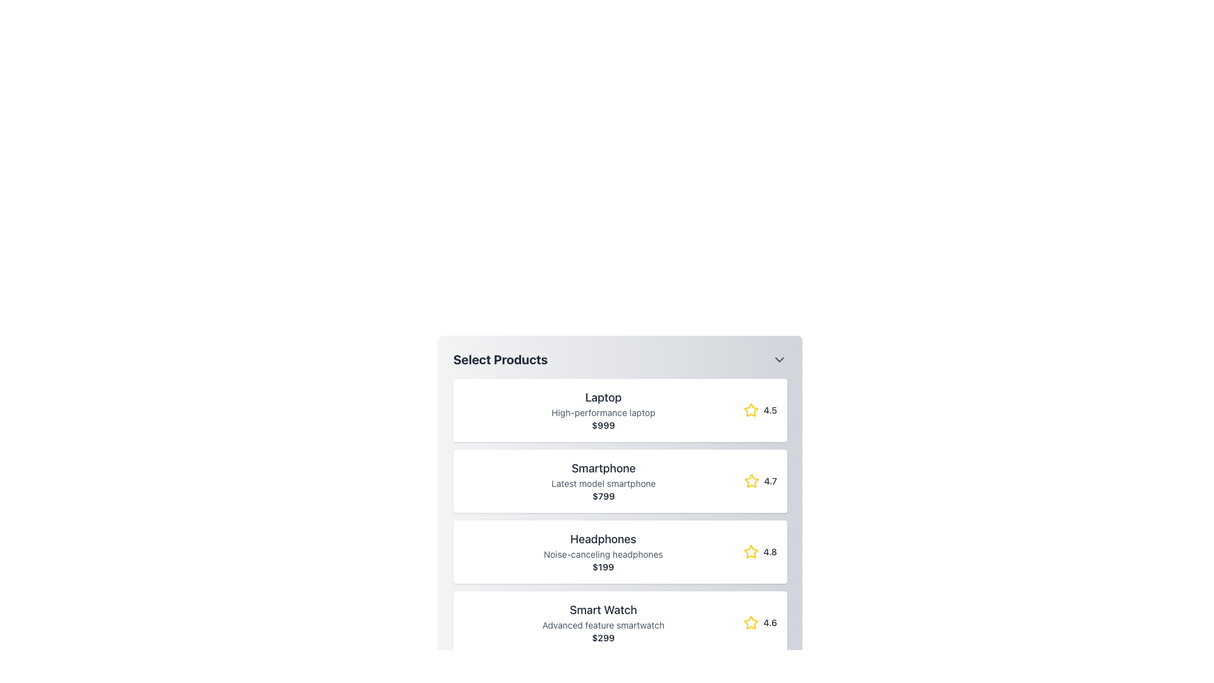 The height and width of the screenshot is (683, 1214). Describe the element at coordinates (603, 412) in the screenshot. I see `text content of the description label located below the bold text 'Laptop' and above the price '$999' within the product card for the laptop item` at that location.